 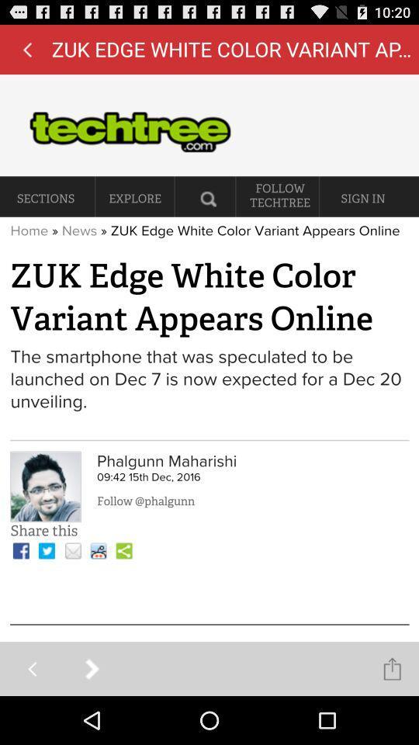 I want to click on the arrow_backward icon, so click(x=32, y=716).